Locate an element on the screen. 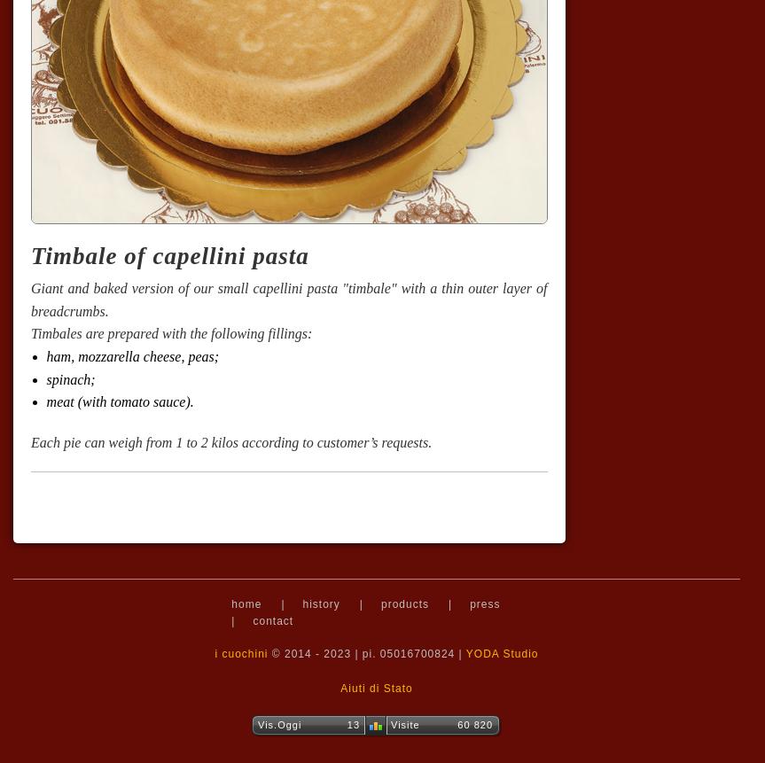  'ham, mozzarella cheese, peas;' is located at coordinates (131, 355).